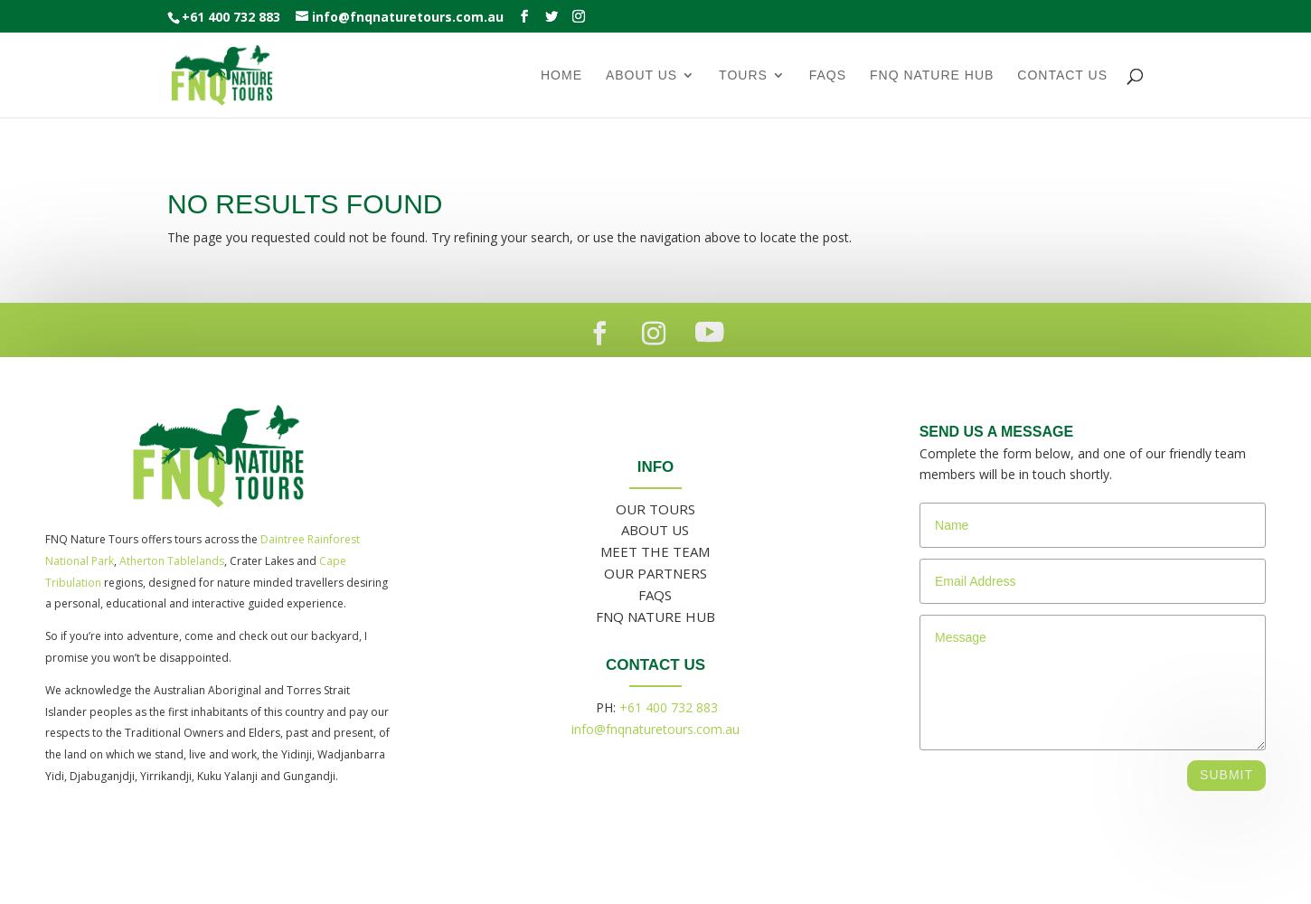 The width and height of the screenshot is (1311, 904). What do you see at coordinates (790, 379) in the screenshot?
I see `'Multi-Day Tours'` at bounding box center [790, 379].